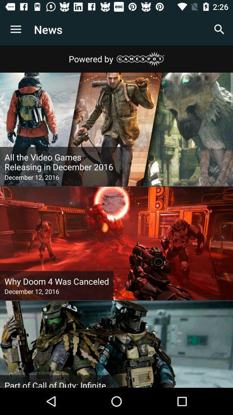 The image size is (233, 415). What do you see at coordinates (219, 29) in the screenshot?
I see `item at the top right corner` at bounding box center [219, 29].